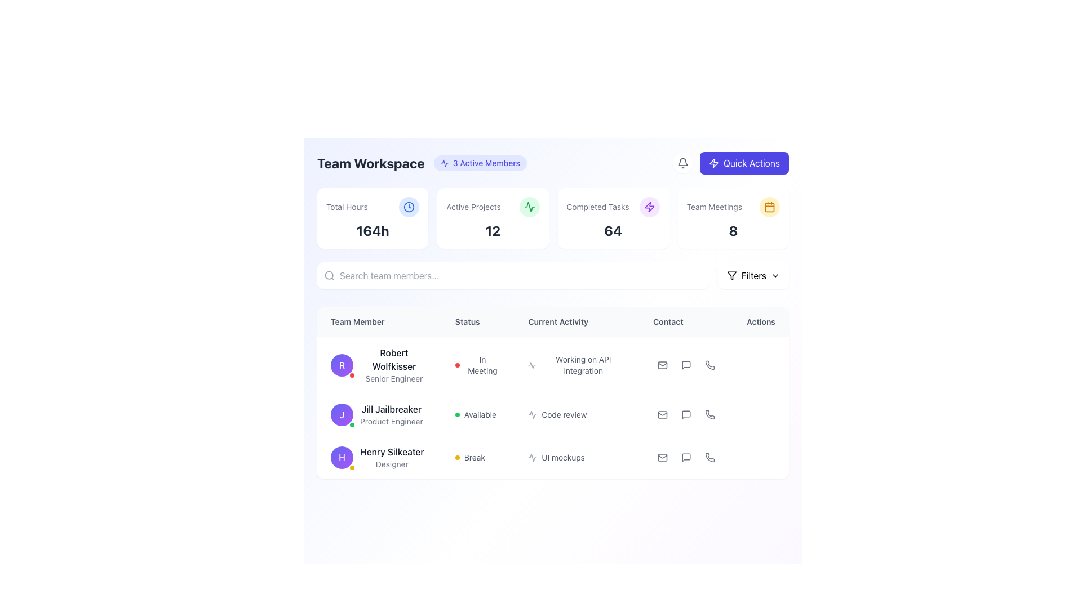 Image resolution: width=1082 pixels, height=608 pixels. I want to click on the status indicator text label for 'Jill Jailbreaker' in the team overview, so click(478, 414).